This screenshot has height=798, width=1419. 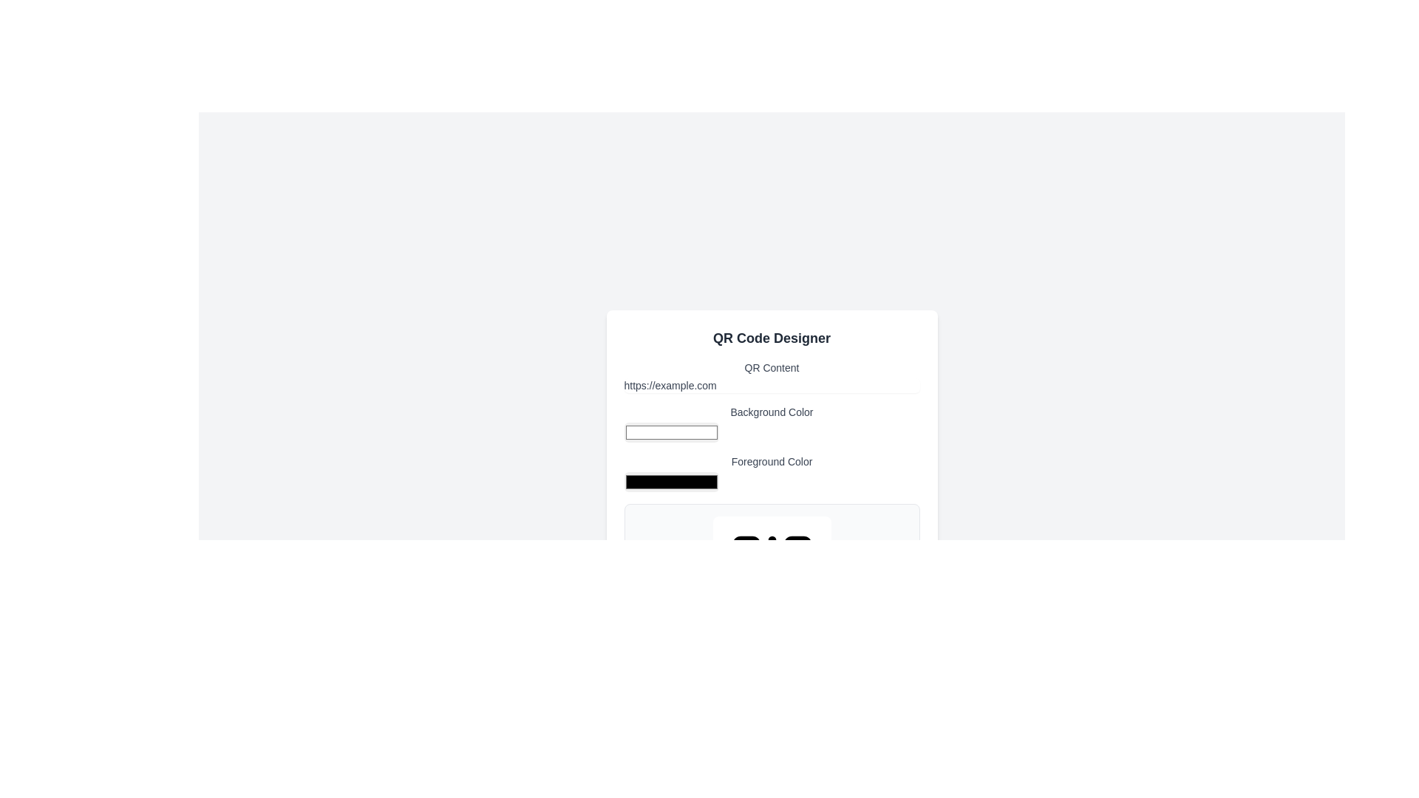 I want to click on the second small square with slightly rounded corners, styled in black, which is part of a QR code representation, so click(x=797, y=550).